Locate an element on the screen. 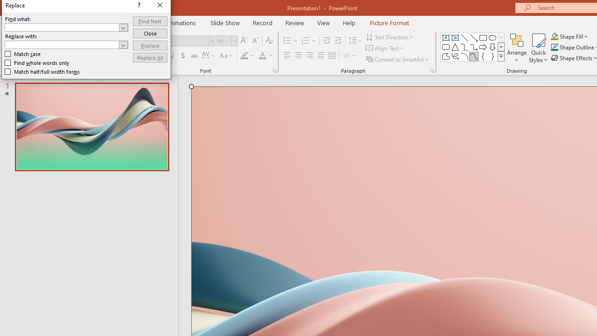 Image resolution: width=597 pixels, height=336 pixels. 'Font...' is located at coordinates (274, 70).